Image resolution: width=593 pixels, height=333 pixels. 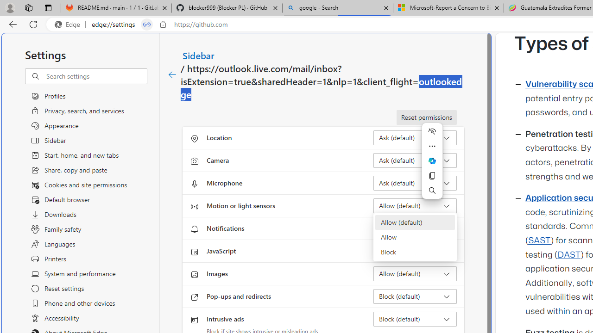 I want to click on 'Microsoft-Report a Concern to Bing', so click(x=448, y=8).